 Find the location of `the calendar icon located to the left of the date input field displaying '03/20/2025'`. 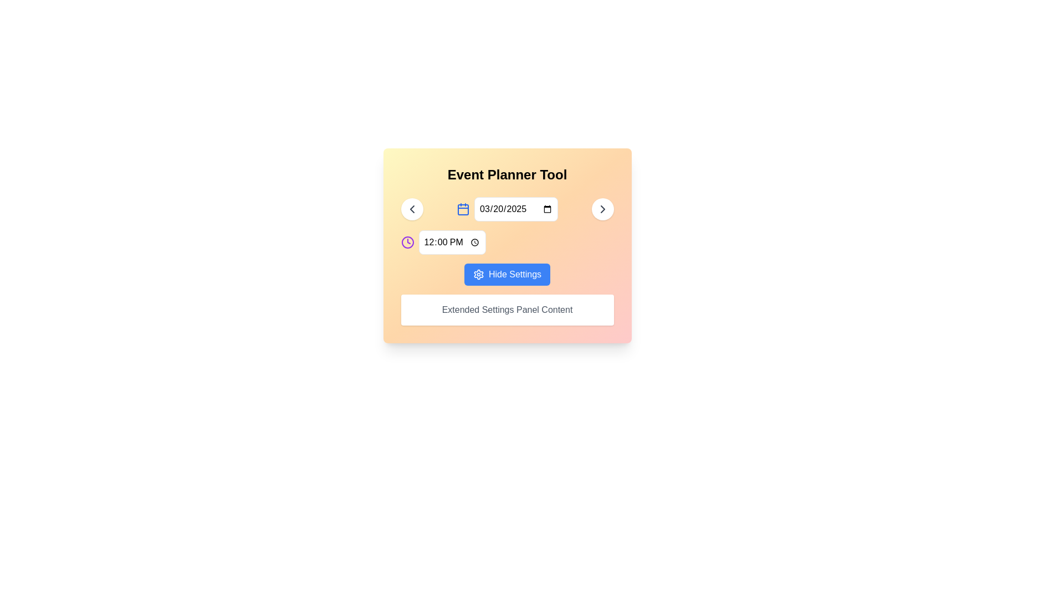

the calendar icon located to the left of the date input field displaying '03/20/2025' is located at coordinates (463, 209).